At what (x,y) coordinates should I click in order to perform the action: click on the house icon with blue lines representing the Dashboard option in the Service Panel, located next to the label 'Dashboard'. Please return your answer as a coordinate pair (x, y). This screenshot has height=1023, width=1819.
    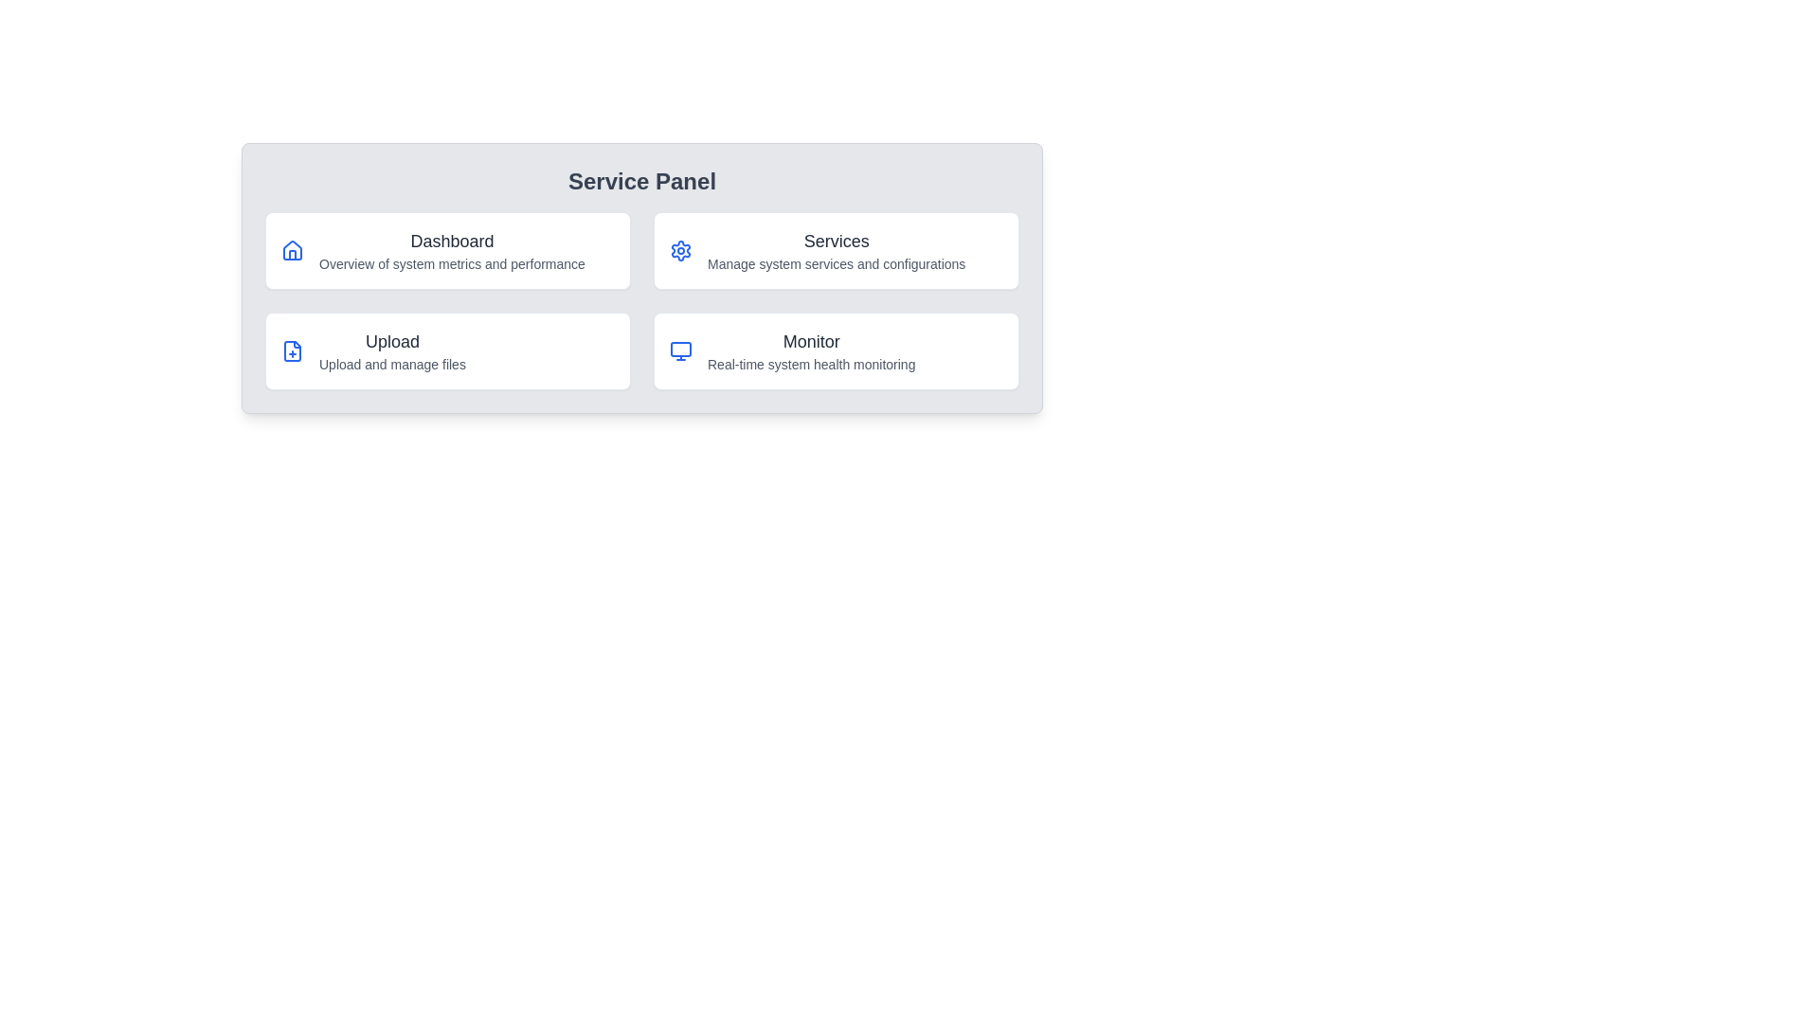
    Looking at the image, I should click on (291, 248).